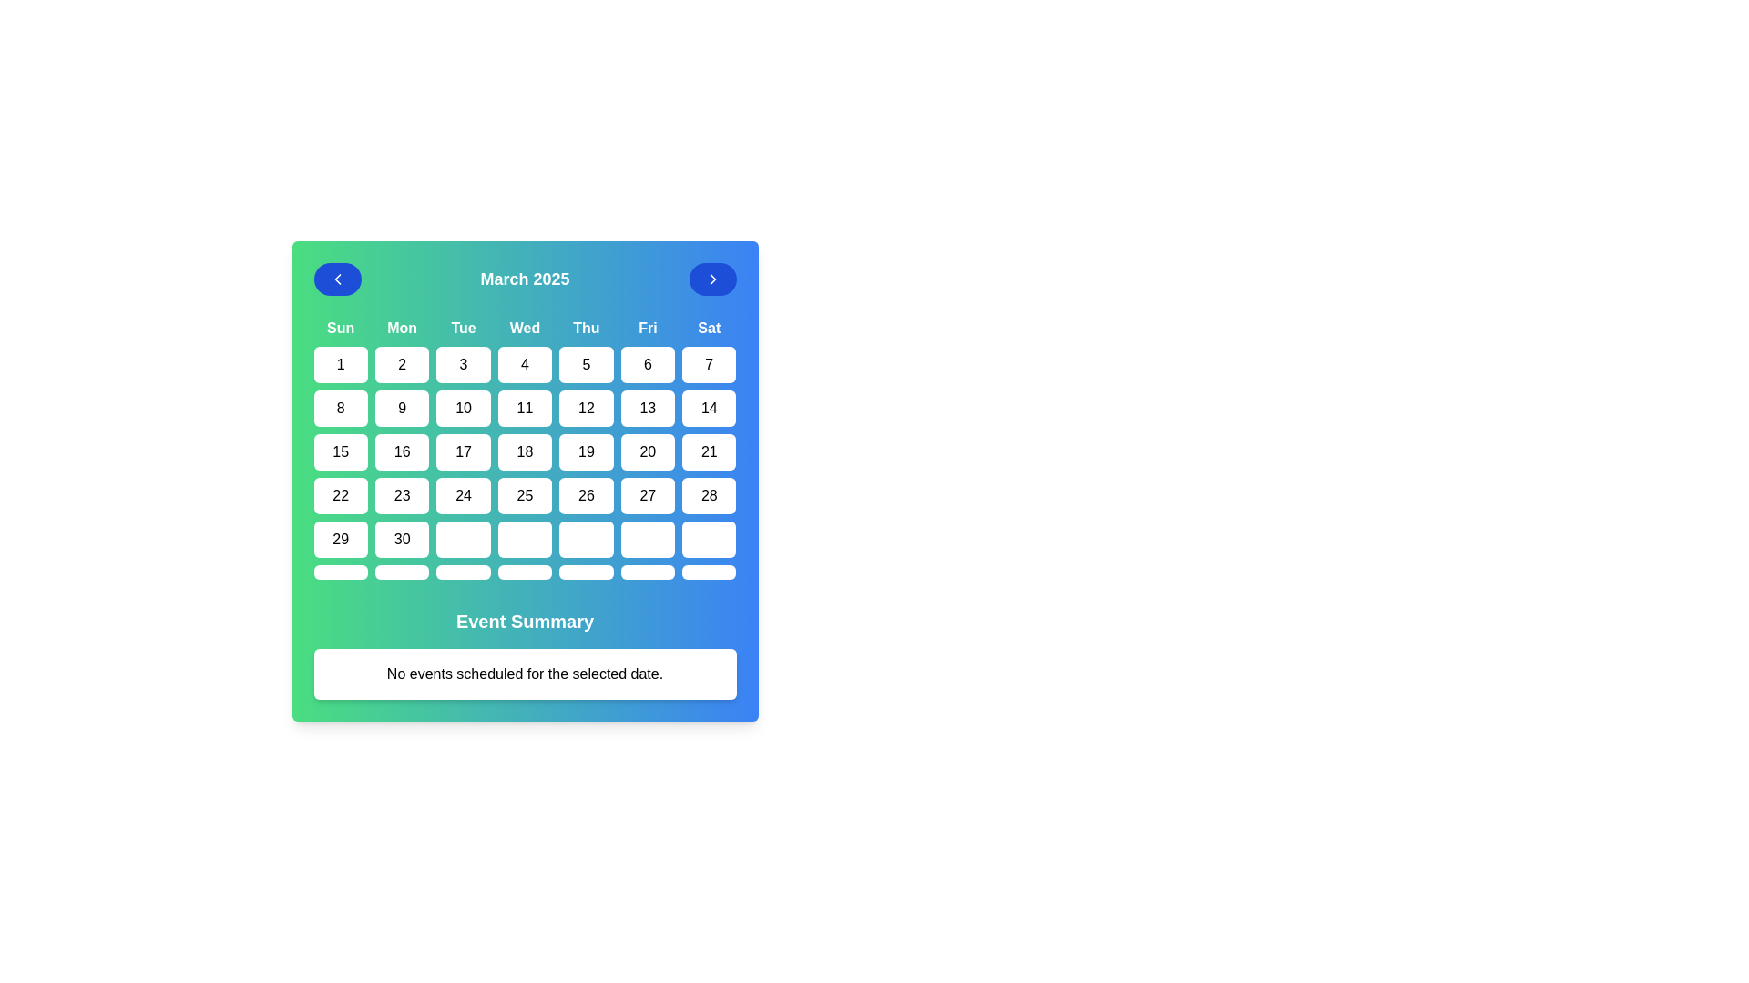 The image size is (1749, 983). Describe the element at coordinates (401, 365) in the screenshot. I see `the small rectangular button displaying the number '2' with a white background and black text, located in the calendar grid layout` at that location.